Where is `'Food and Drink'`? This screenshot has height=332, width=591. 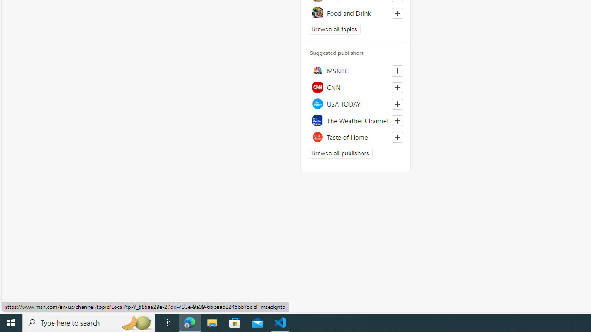
'Food and Drink' is located at coordinates (355, 12).